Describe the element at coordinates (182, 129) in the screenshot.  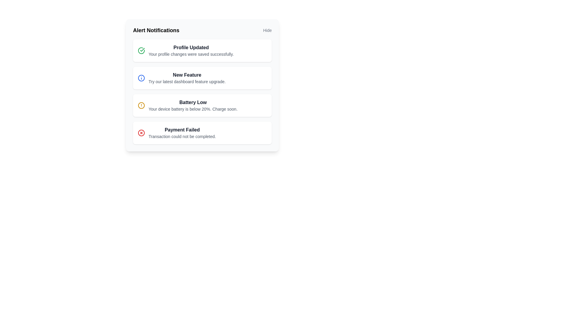
I see `the bold text label reading 'Payment Failed', which is positioned as the header text of the last notification in a vertical list of notifications` at that location.